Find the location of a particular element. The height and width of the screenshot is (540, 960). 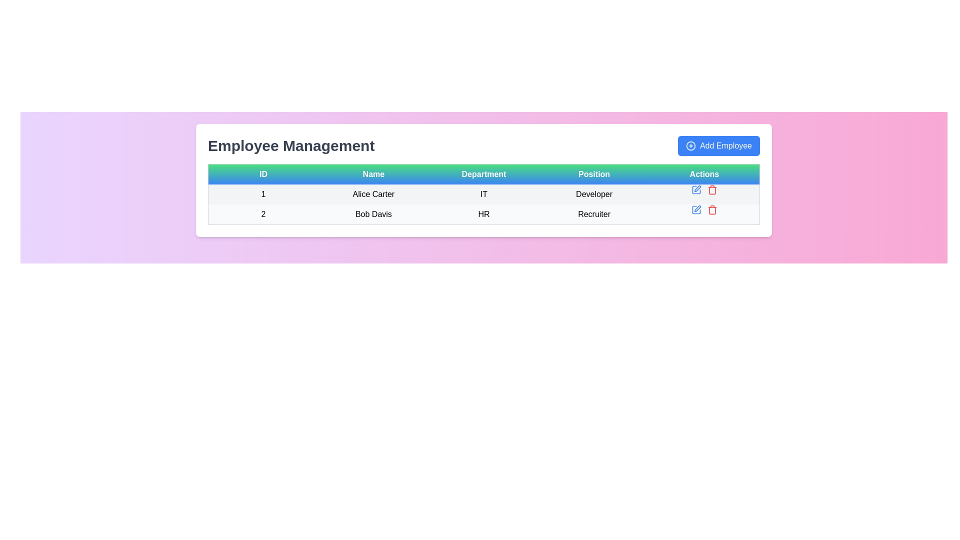

the edit icon, which resembles a square with a pen overlay, located in the Actions column of the second row of the table, to trigger tooltip or highlight effects is located at coordinates (695, 190).